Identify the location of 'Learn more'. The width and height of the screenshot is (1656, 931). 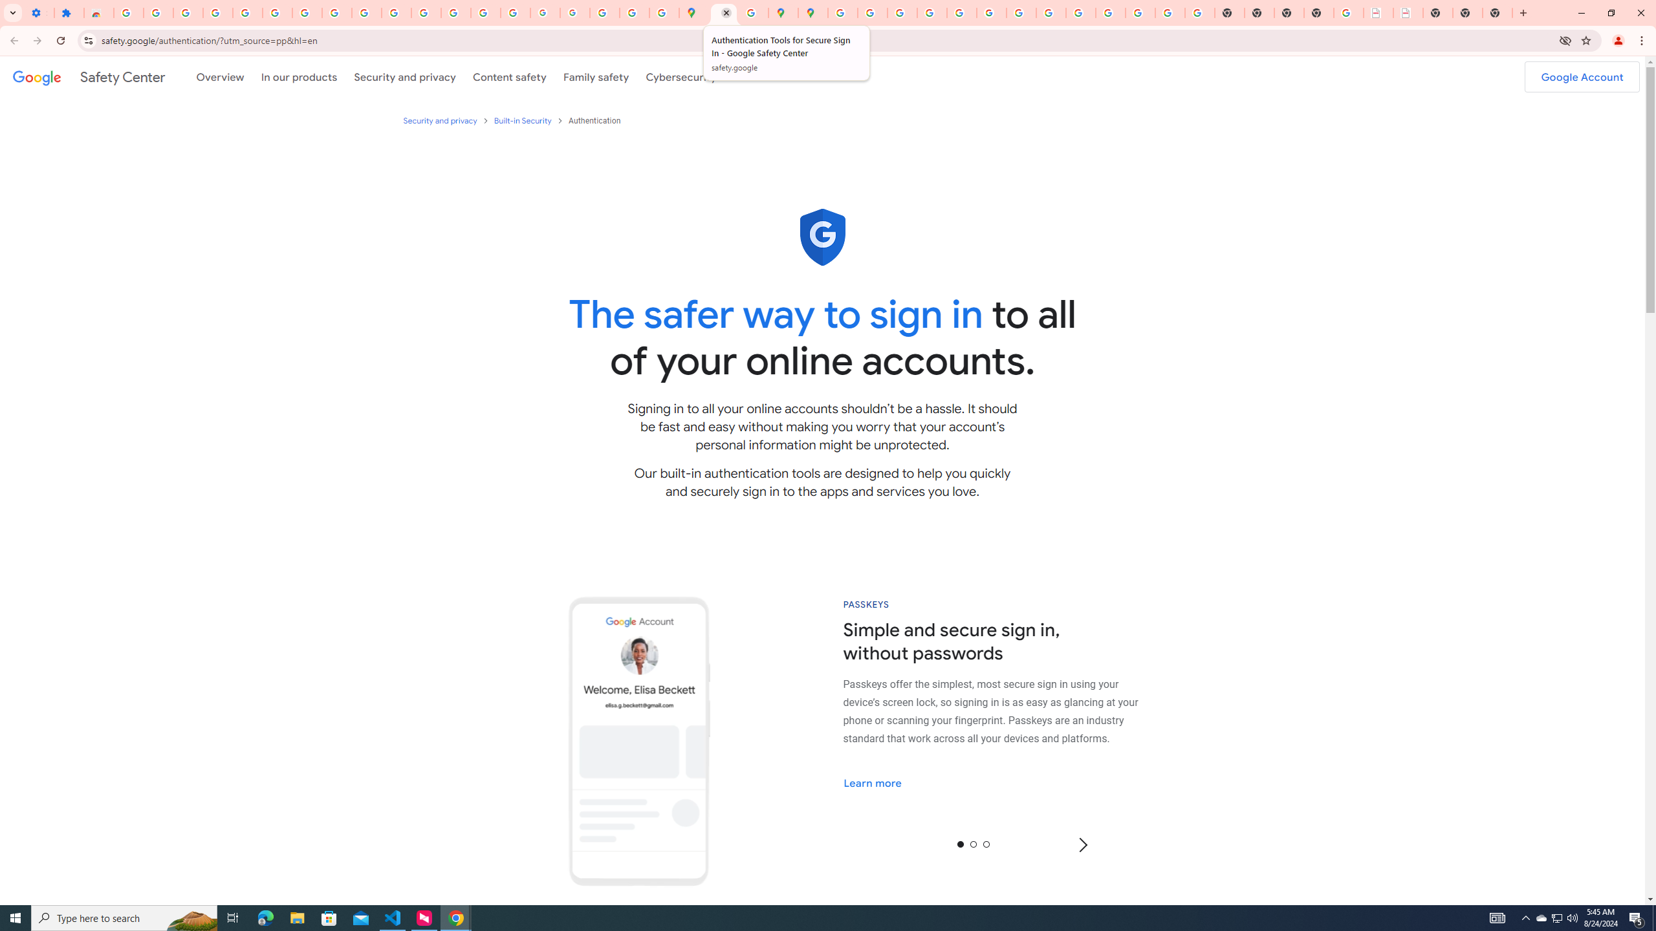
(880, 782).